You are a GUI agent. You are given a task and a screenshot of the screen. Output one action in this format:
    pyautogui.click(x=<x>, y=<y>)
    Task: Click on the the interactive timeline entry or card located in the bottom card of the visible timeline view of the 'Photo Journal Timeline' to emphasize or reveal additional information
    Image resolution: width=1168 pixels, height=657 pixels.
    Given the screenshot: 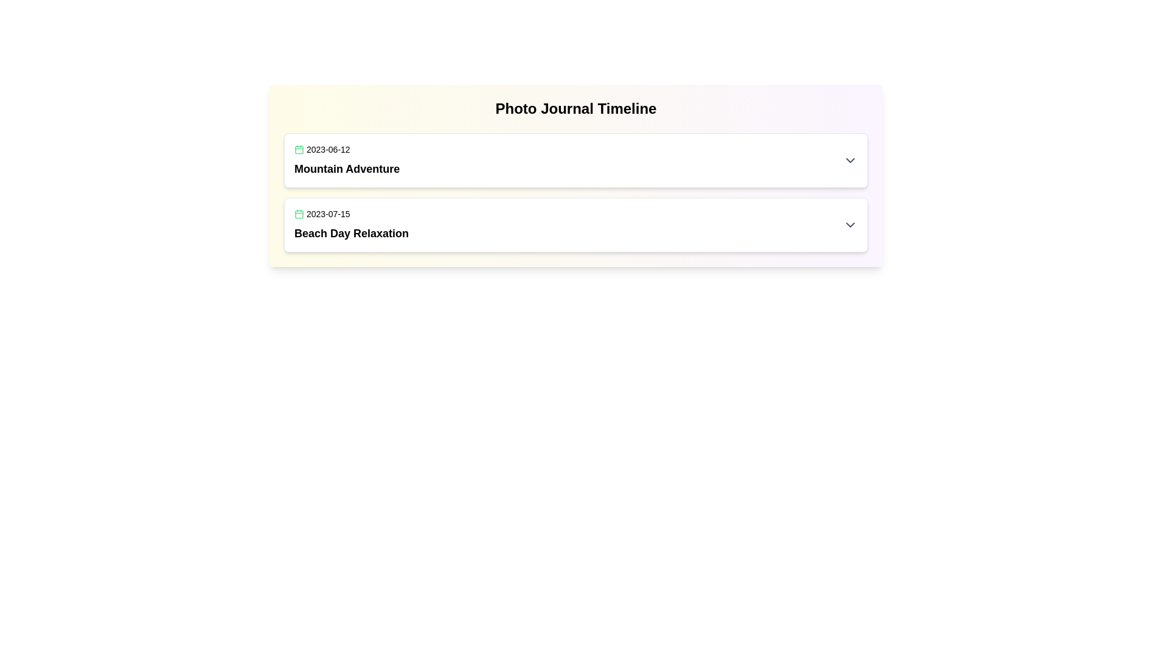 What is the action you would take?
    pyautogui.click(x=575, y=225)
    